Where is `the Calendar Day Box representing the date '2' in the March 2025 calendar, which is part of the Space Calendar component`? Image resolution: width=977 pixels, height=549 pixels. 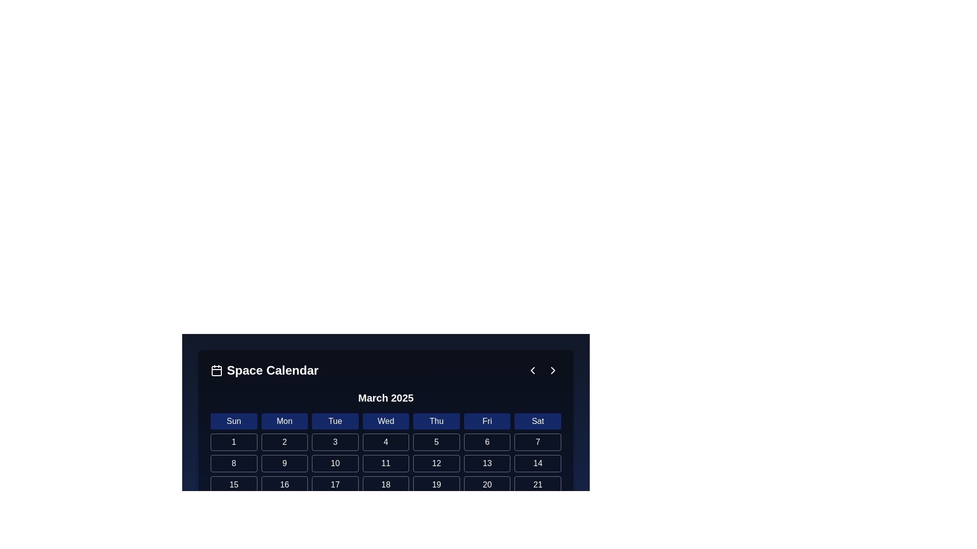 the Calendar Day Box representing the date '2' in the March 2025 calendar, which is part of the Space Calendar component is located at coordinates (385, 527).